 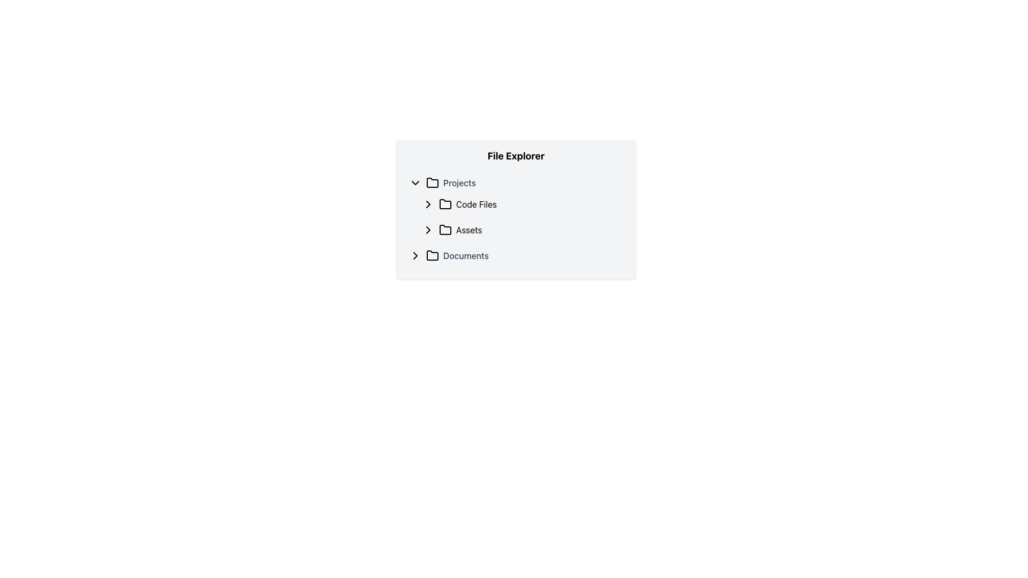 What do you see at coordinates (522, 229) in the screenshot?
I see `the 'Assets' folder entry` at bounding box center [522, 229].